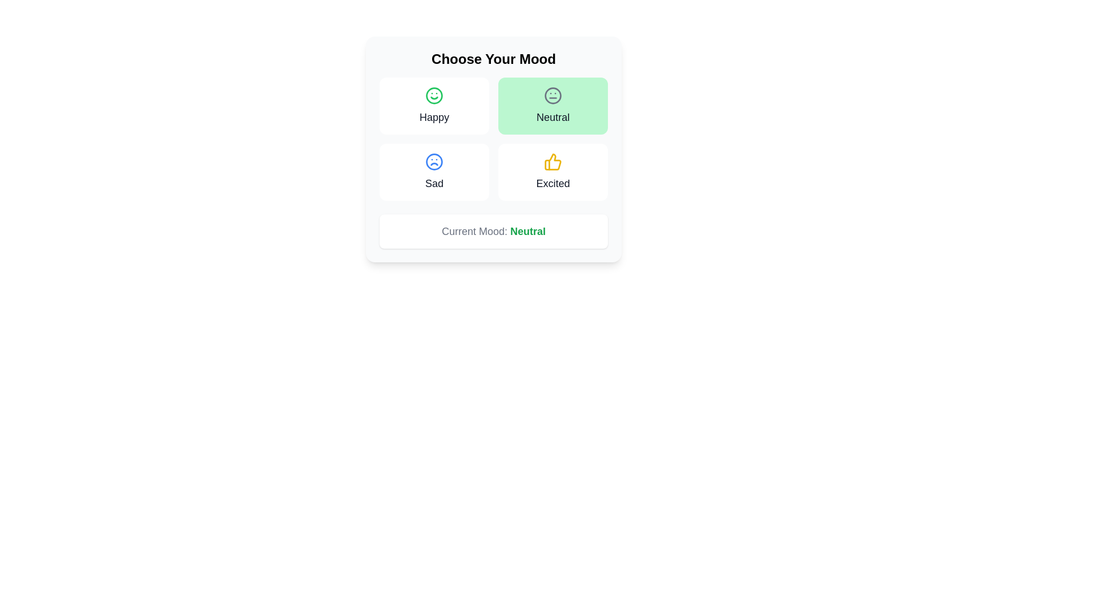 The image size is (1096, 616). What do you see at coordinates (434, 117) in the screenshot?
I see `the 'Happy' text label, which is styled in dark grey and located below the smiley face icon in the mood selection interface` at bounding box center [434, 117].